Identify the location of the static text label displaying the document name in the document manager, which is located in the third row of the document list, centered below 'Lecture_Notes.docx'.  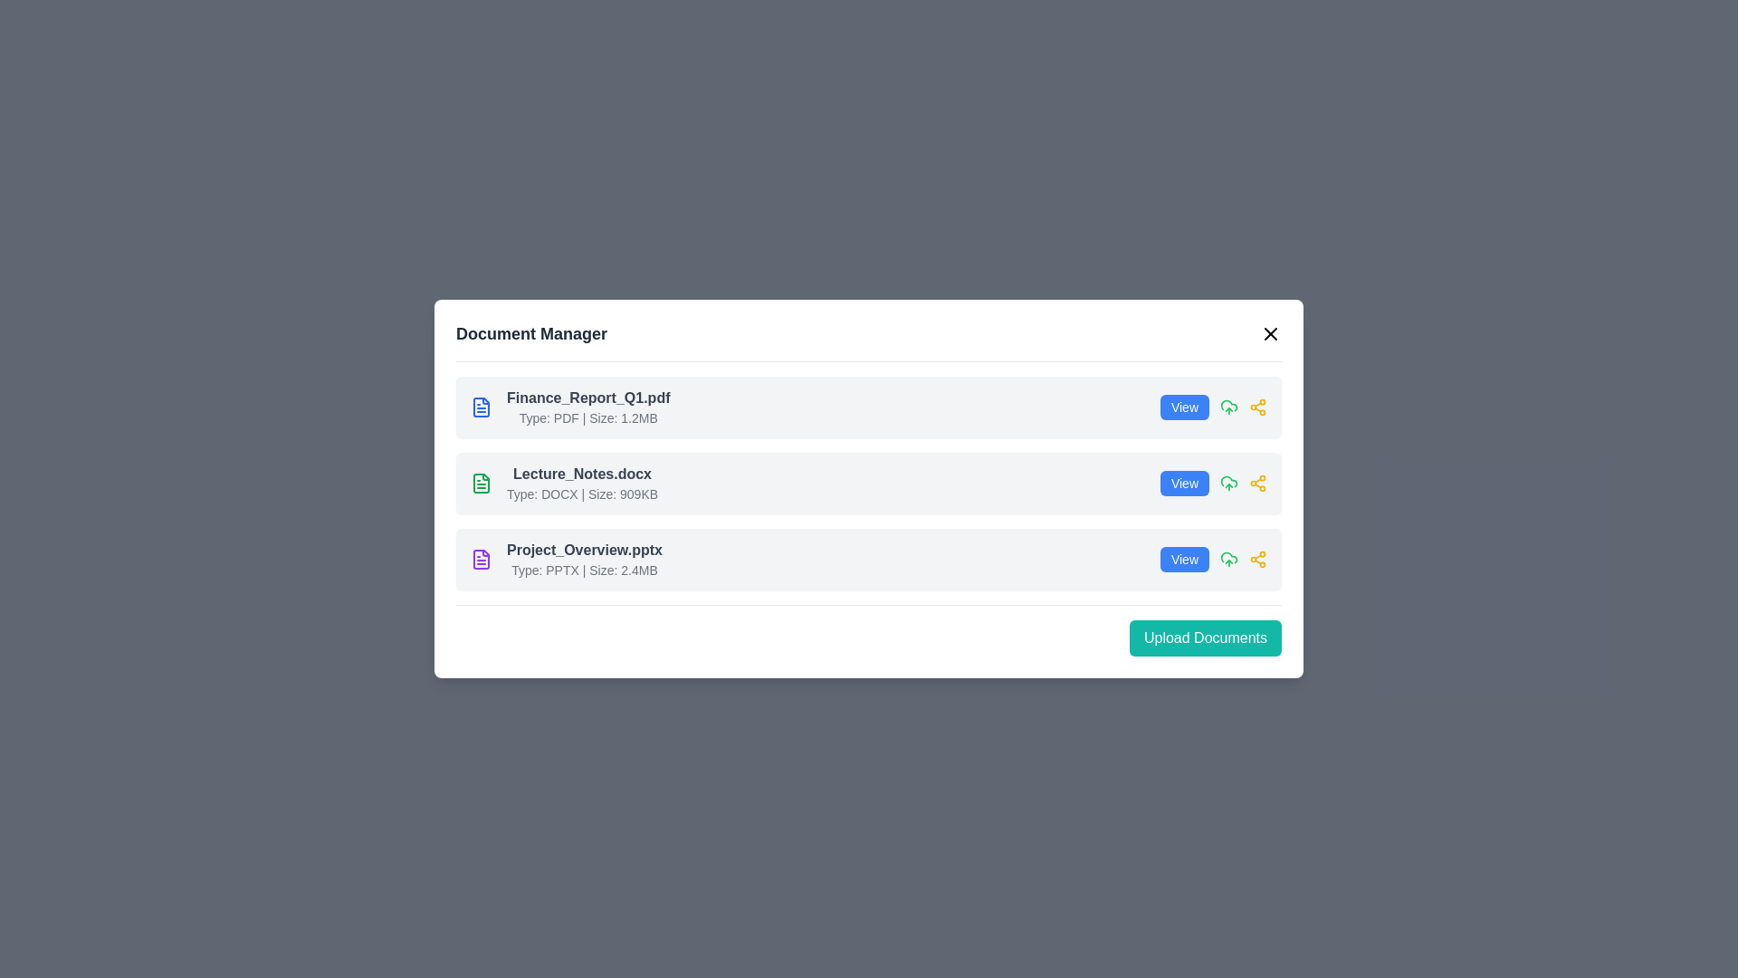
(584, 550).